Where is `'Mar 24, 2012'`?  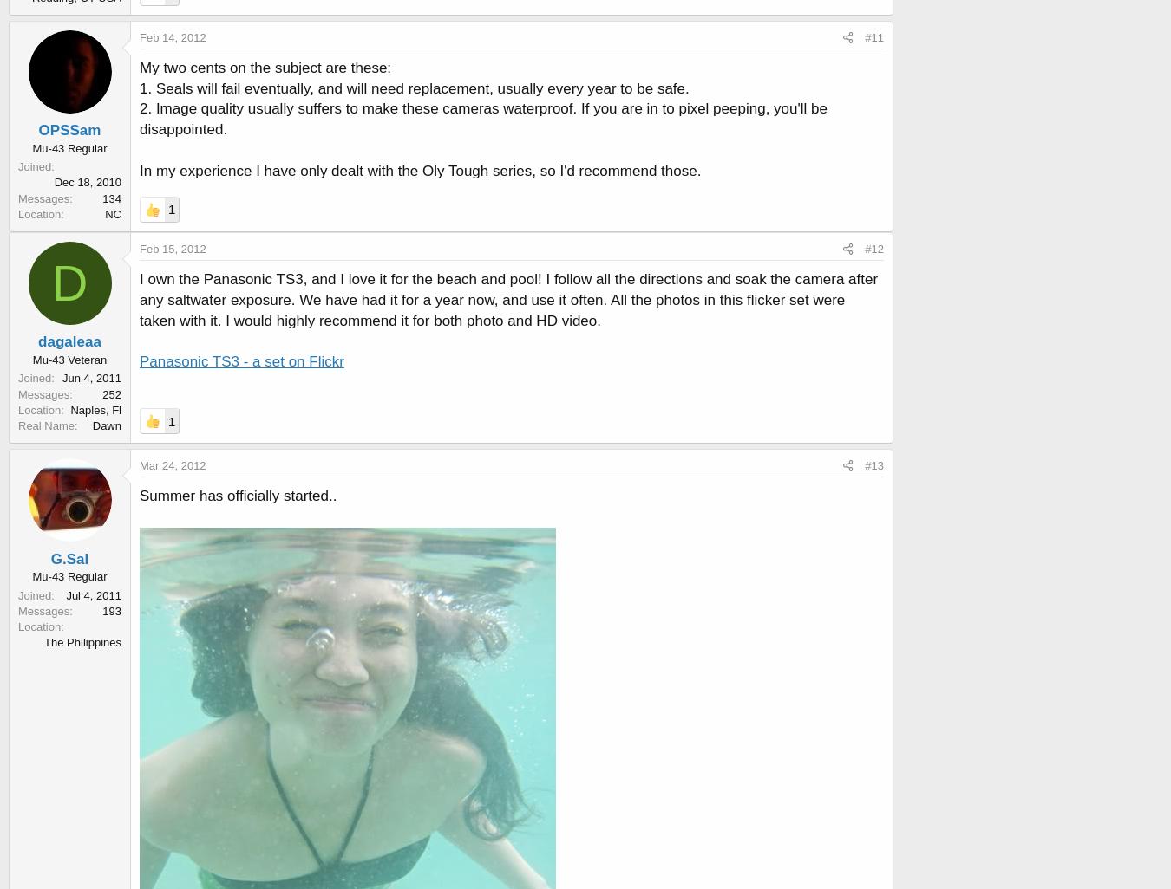
'Mar 24, 2012' is located at coordinates (172, 465).